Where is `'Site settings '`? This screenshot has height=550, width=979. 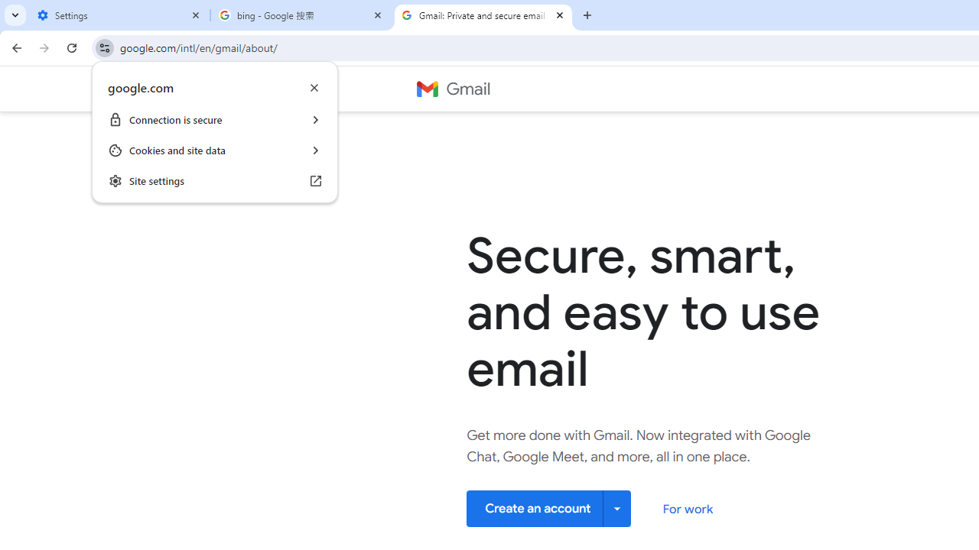
'Site settings ' is located at coordinates (214, 180).